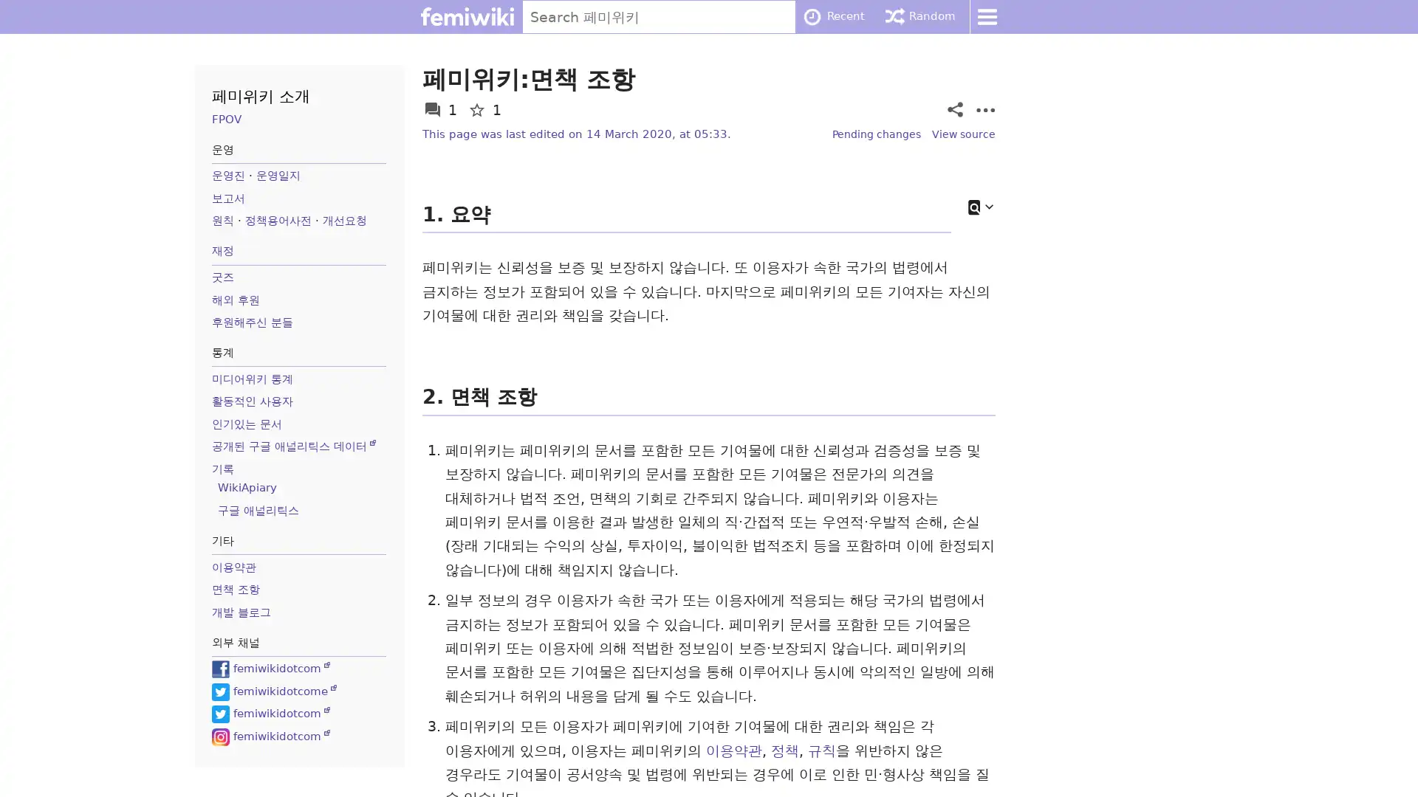 This screenshot has height=797, width=1418. Describe the element at coordinates (954, 108) in the screenshot. I see `Share this article` at that location.